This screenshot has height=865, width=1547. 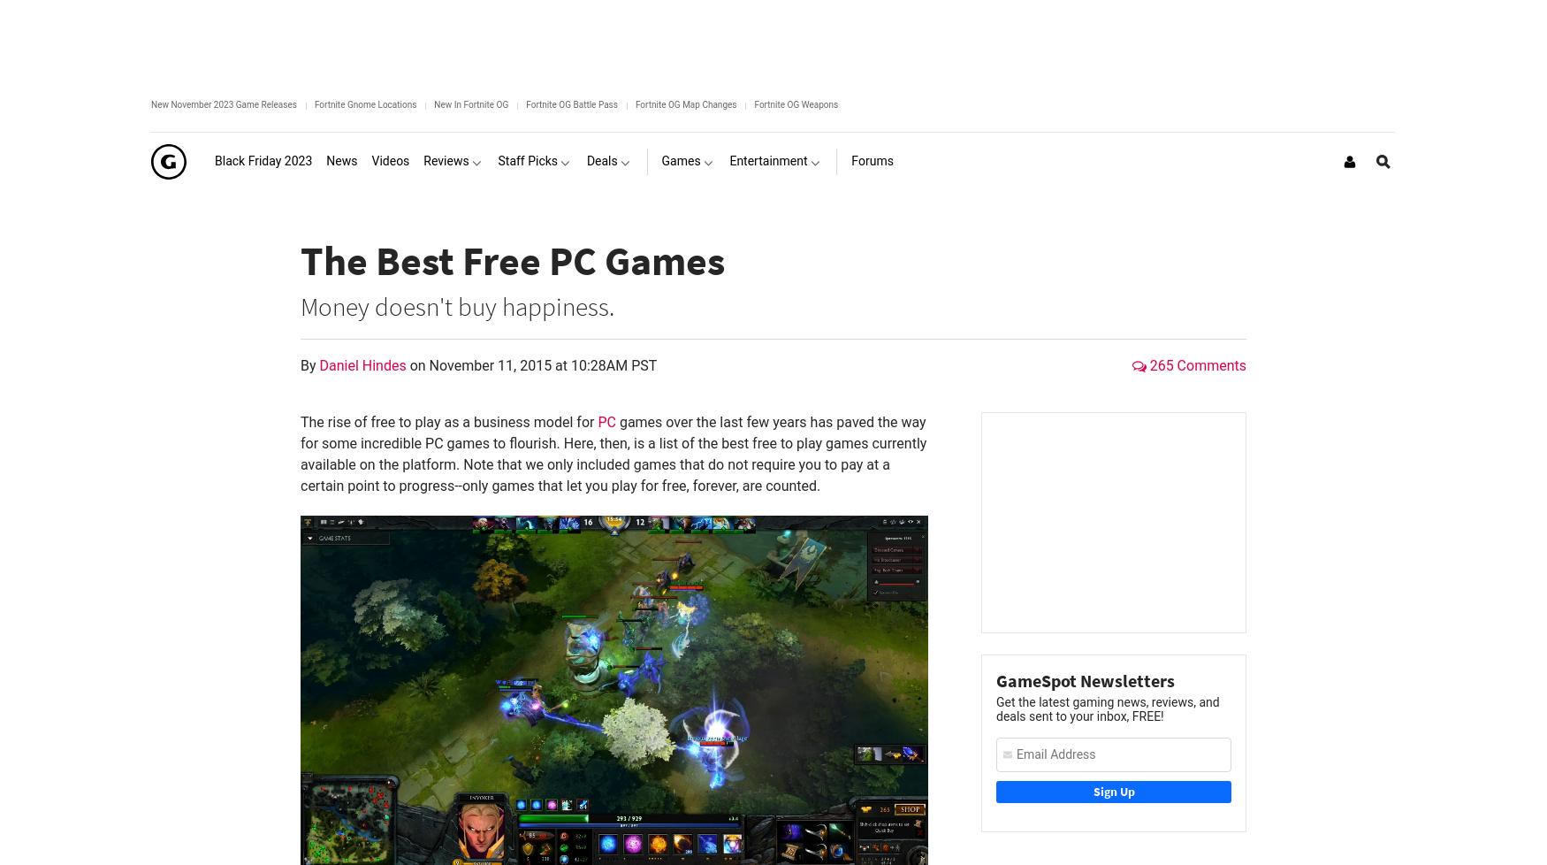 I want to click on 'Black Friday 2023', so click(x=263, y=161).